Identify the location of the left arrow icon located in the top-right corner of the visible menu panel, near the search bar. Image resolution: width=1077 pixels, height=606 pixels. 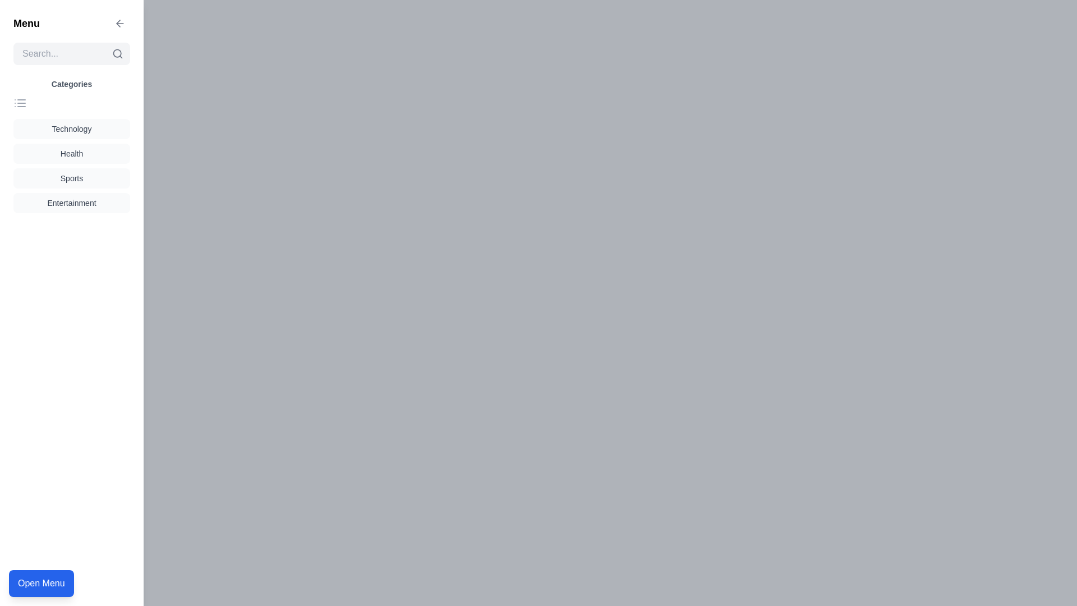
(118, 24).